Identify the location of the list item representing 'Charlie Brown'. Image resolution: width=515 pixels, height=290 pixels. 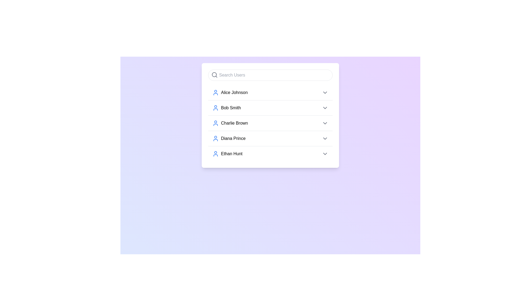
(270, 123).